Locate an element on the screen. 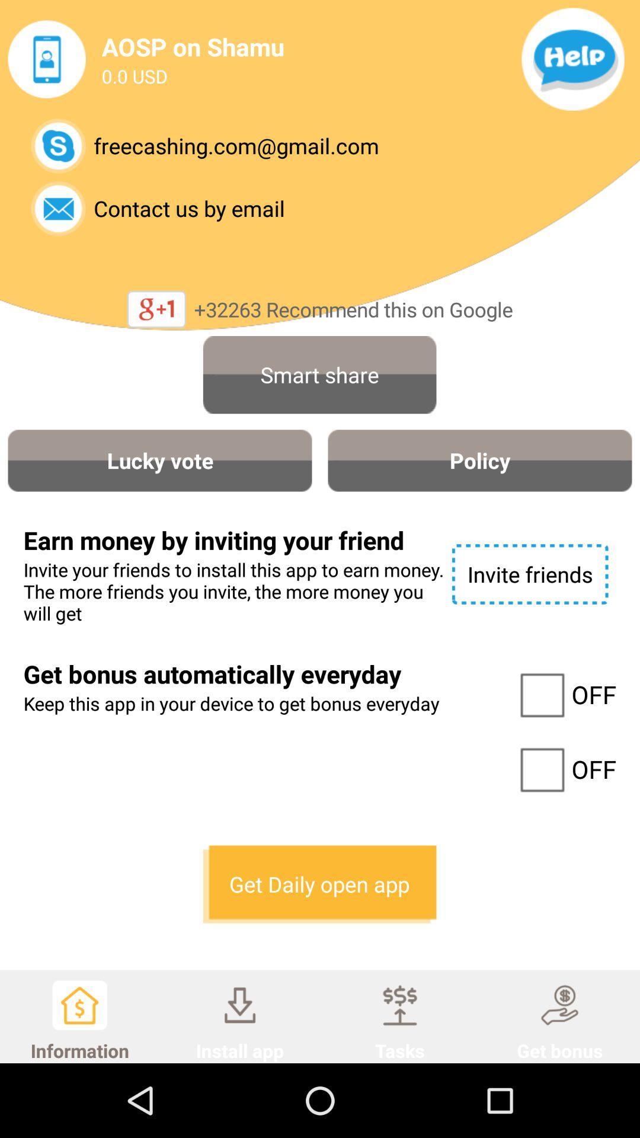 This screenshot has width=640, height=1138. email them is located at coordinates (58, 209).